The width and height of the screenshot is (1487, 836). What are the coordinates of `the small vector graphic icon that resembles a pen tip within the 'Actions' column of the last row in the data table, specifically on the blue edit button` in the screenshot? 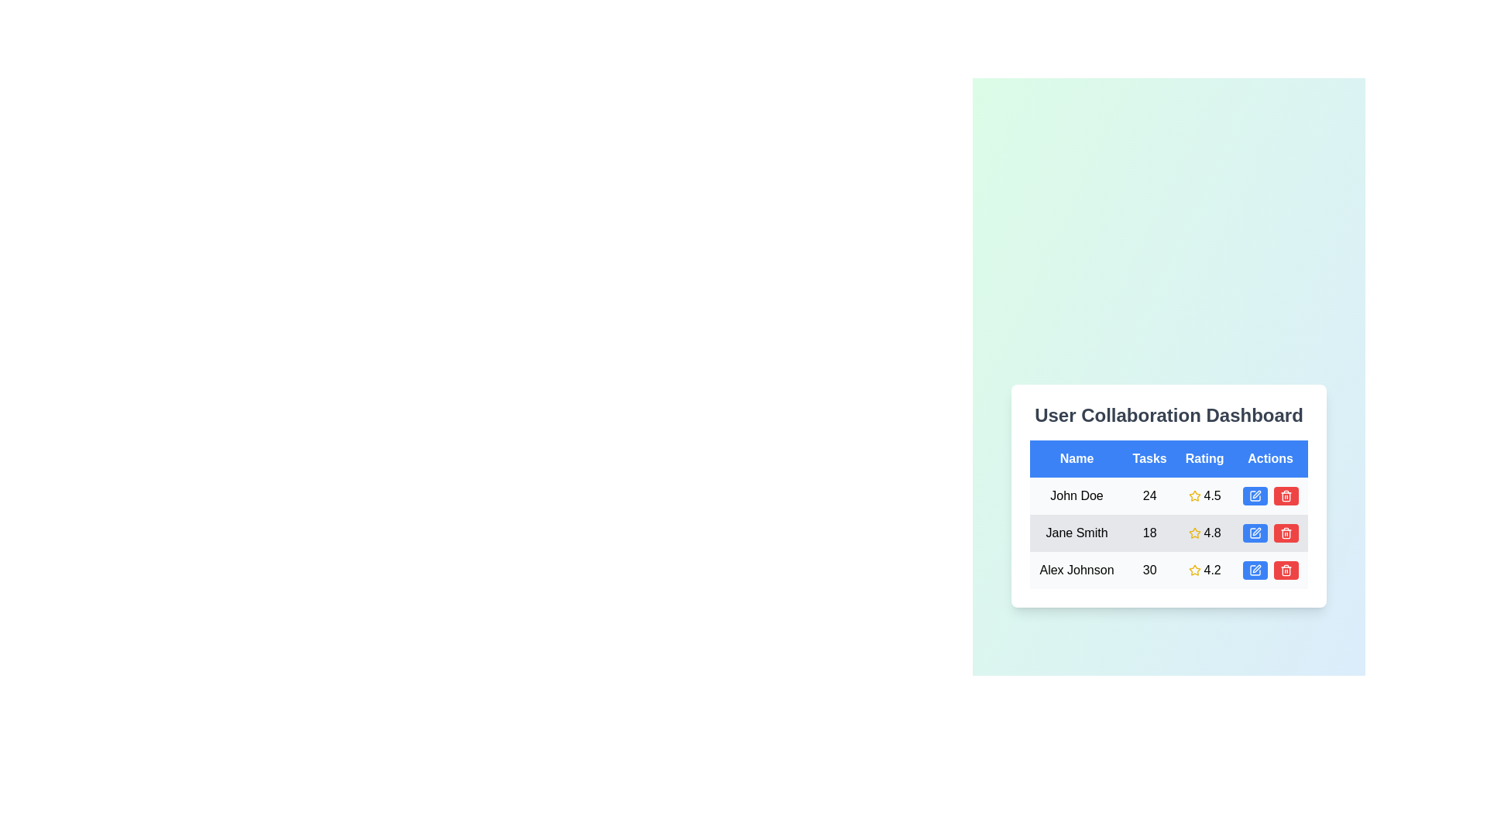 It's located at (1256, 569).